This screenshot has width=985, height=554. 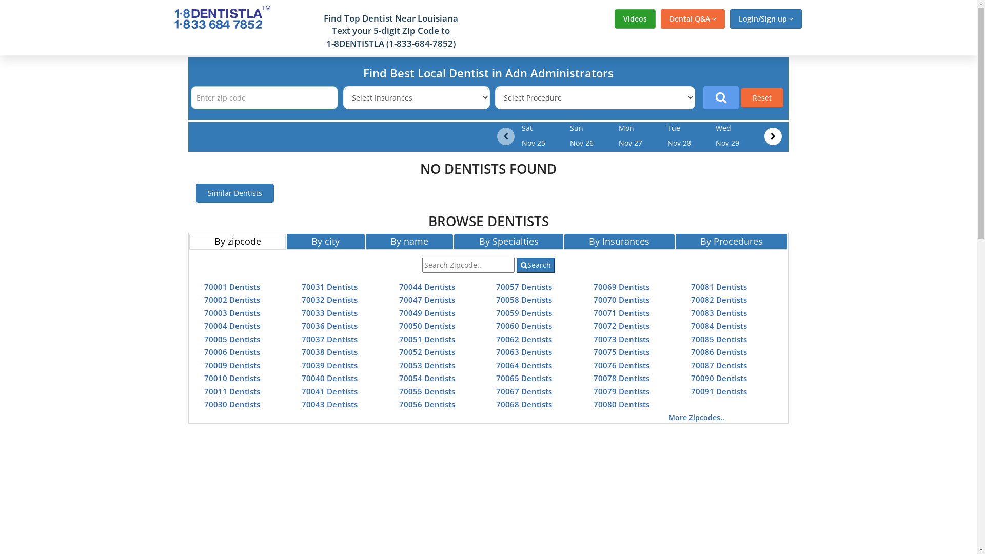 I want to click on 'By Specialties', so click(x=508, y=241).